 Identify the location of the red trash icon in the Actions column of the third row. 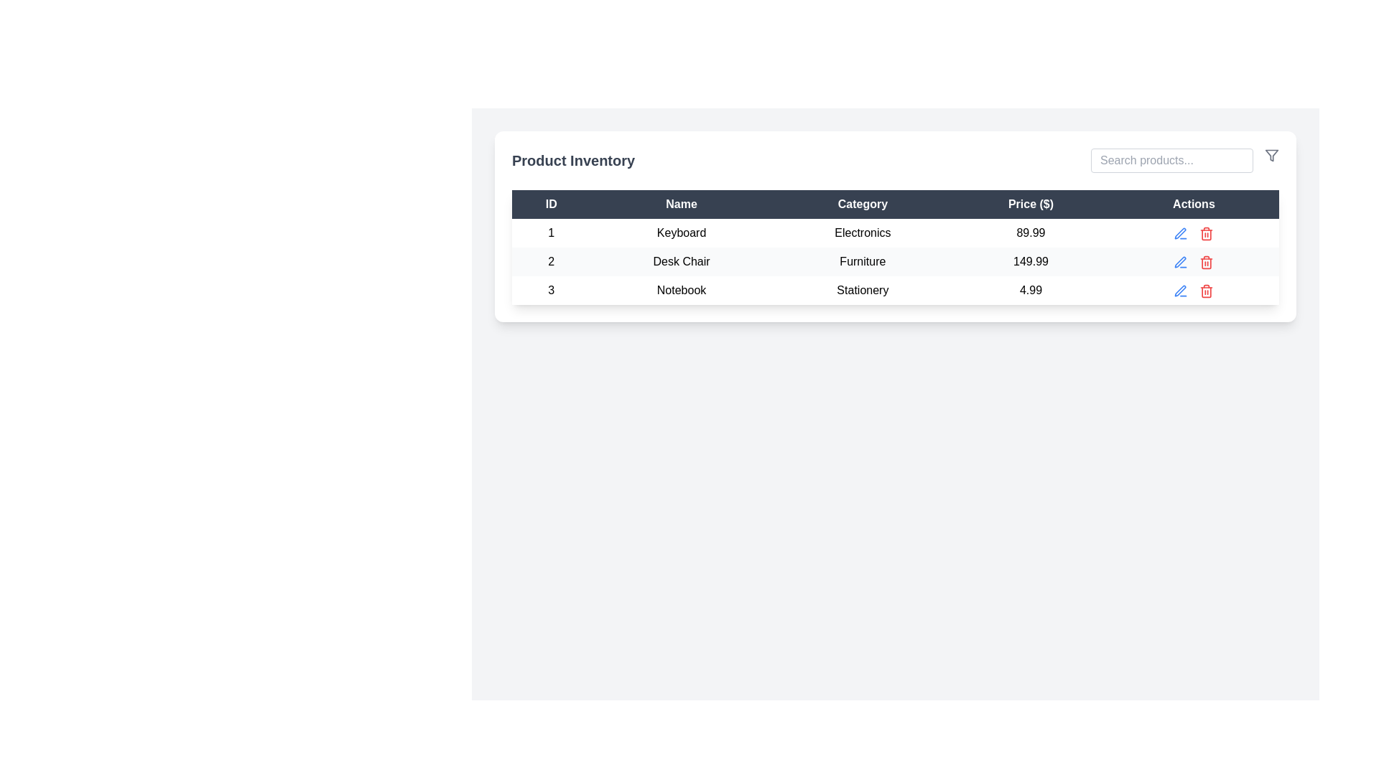
(1193, 291).